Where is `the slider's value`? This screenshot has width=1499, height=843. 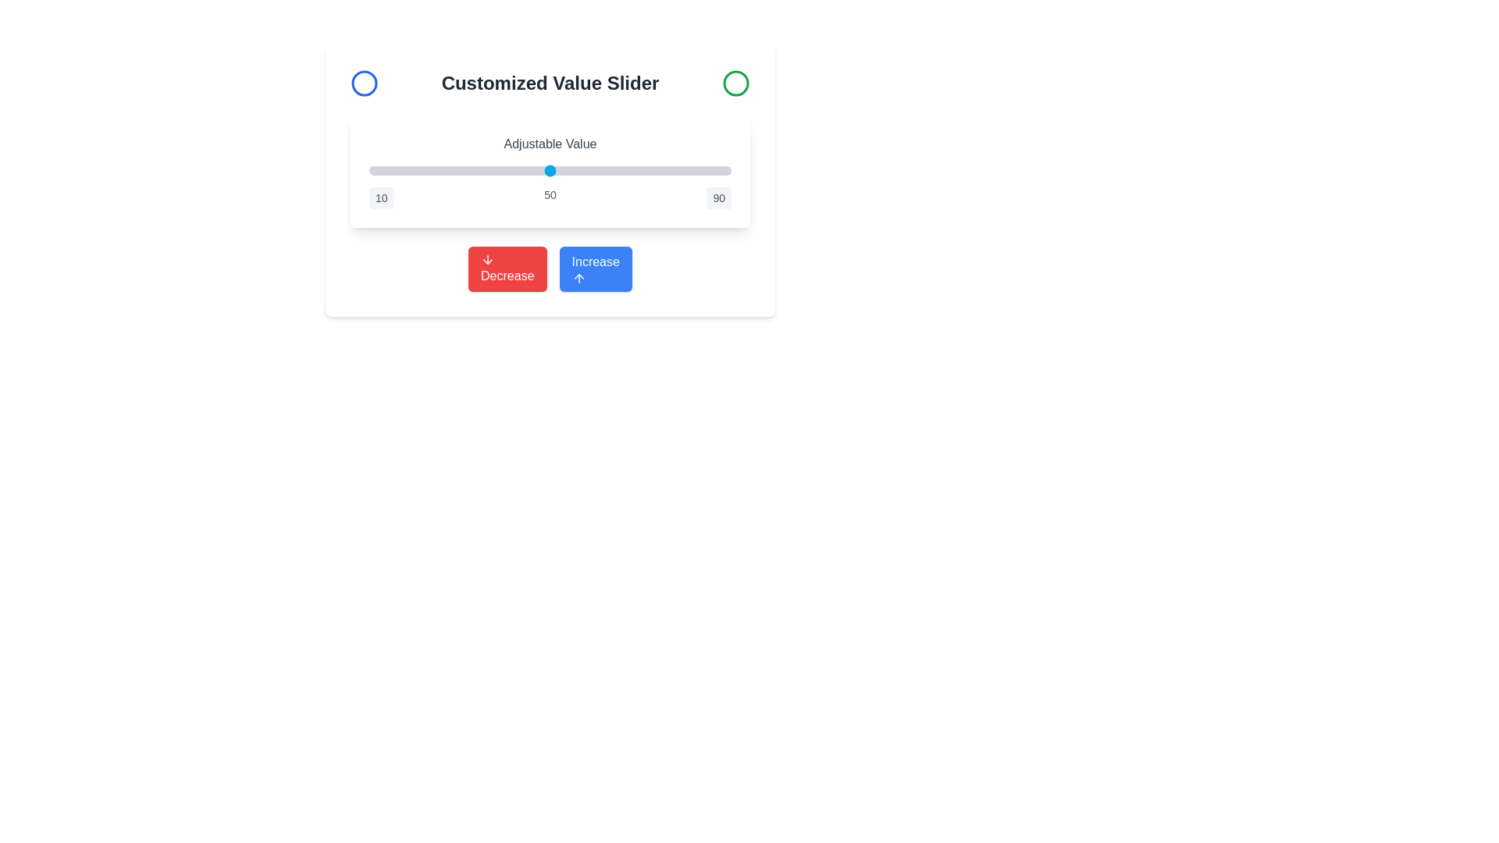 the slider's value is located at coordinates (482, 171).